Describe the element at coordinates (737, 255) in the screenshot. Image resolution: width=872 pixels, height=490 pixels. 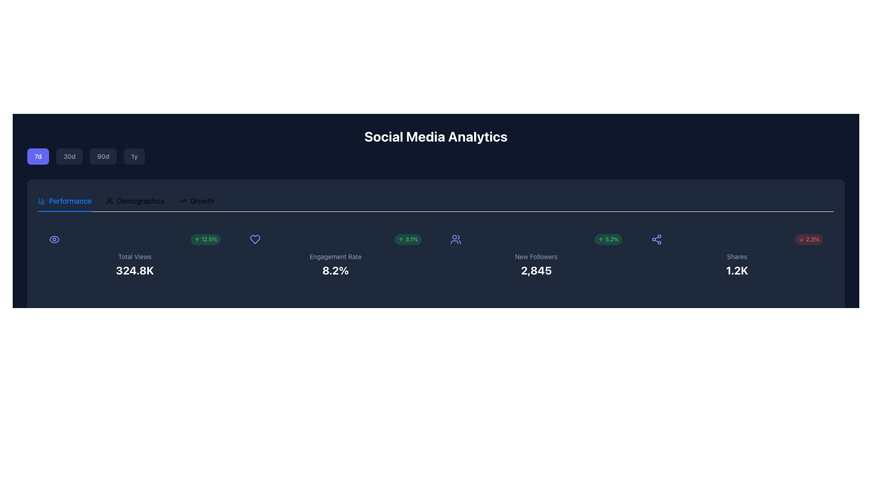
I see `the dark blue Informative card that displays 'Shares' and the number '1.2K', located in the bottom-right corner of the grid layout` at that location.